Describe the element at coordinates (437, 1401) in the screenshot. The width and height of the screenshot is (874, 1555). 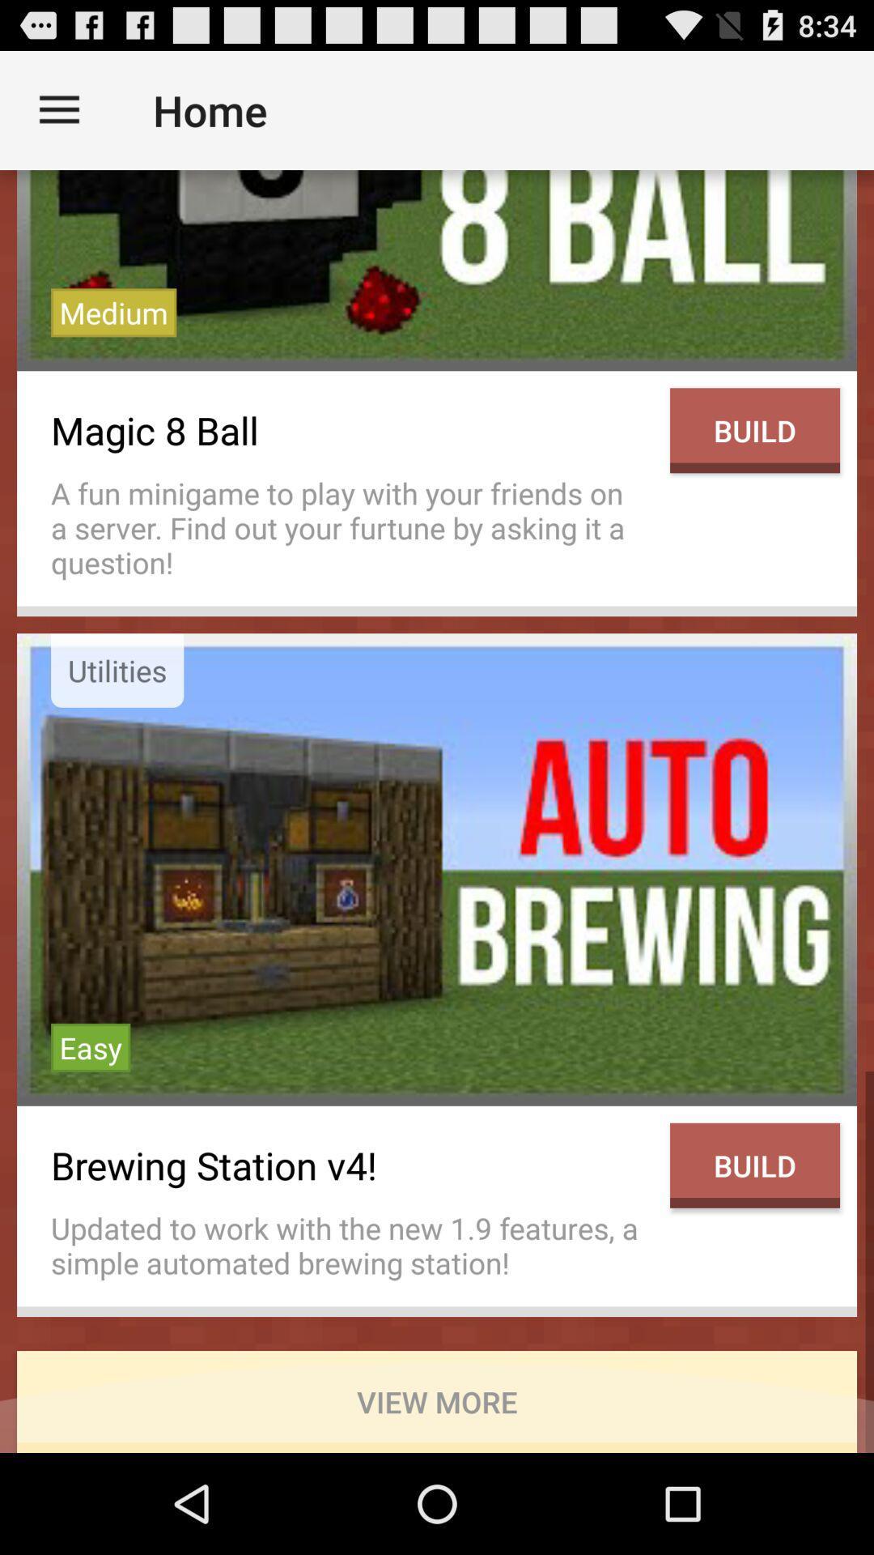
I see `the view more icon` at that location.